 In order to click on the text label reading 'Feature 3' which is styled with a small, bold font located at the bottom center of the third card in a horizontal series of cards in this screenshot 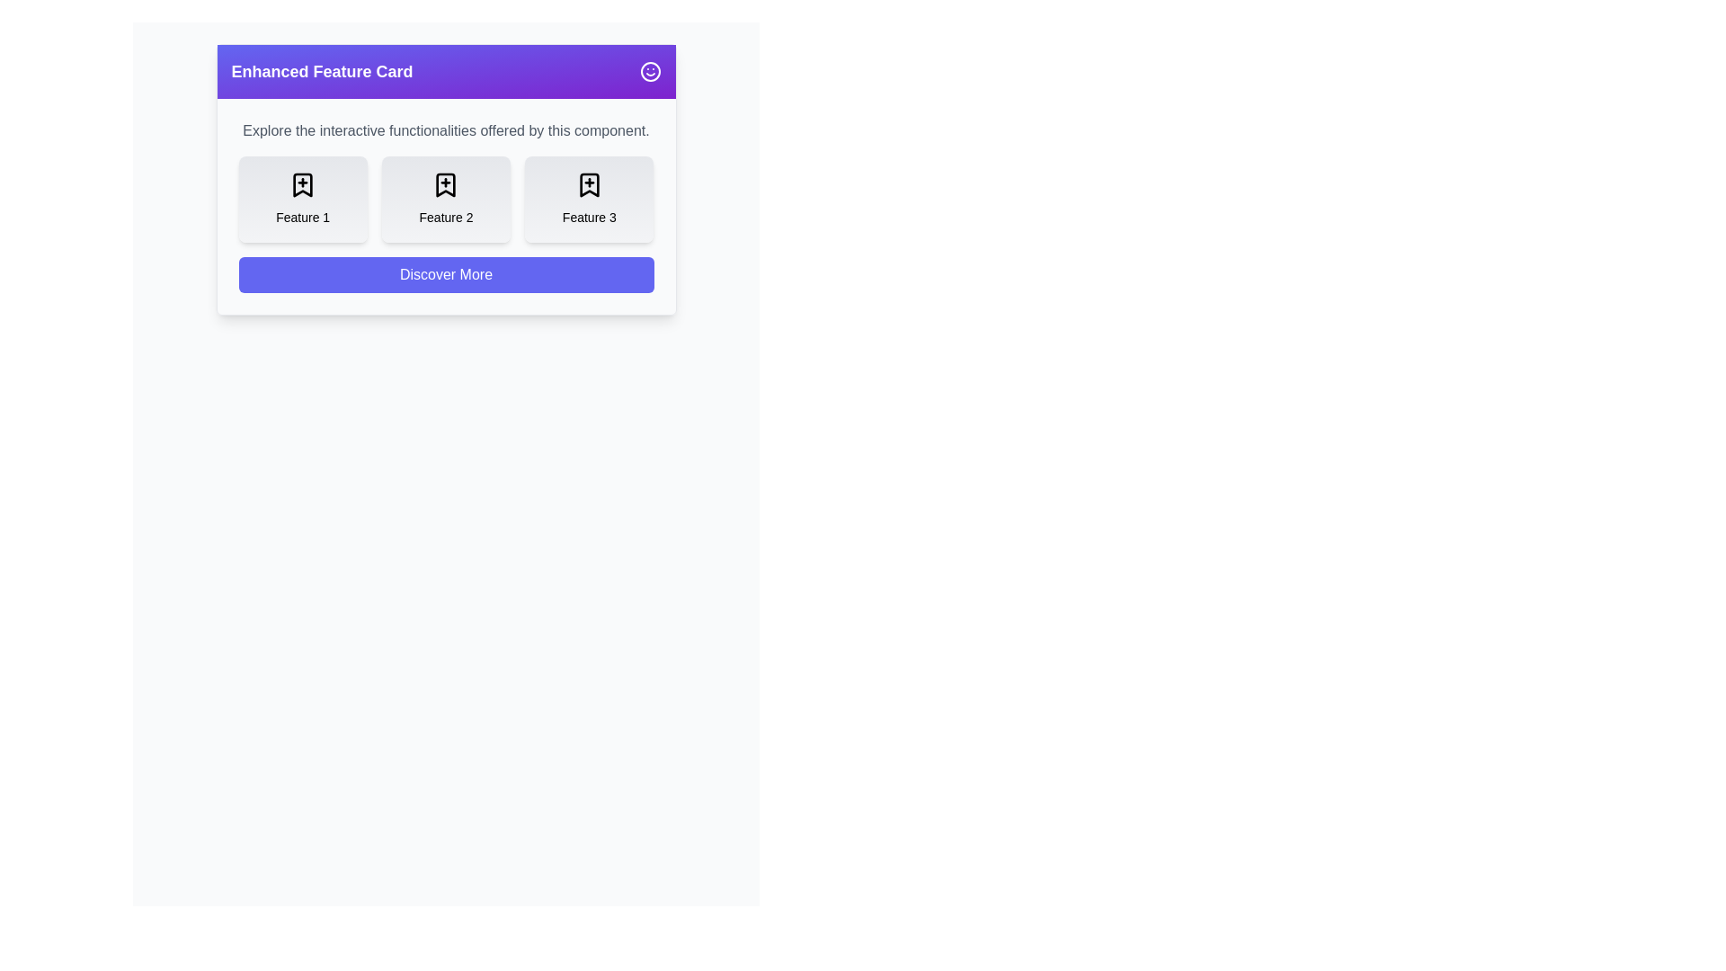, I will do `click(589, 217)`.